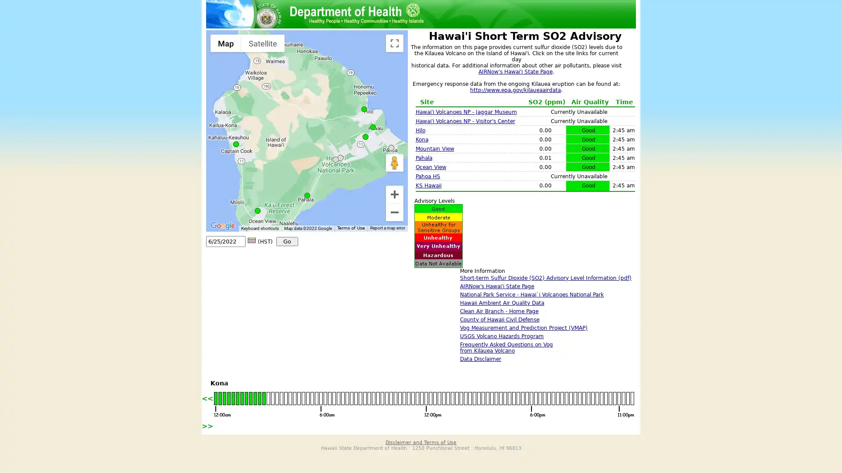 This screenshot has width=842, height=473. What do you see at coordinates (307, 195) in the screenshot?
I see `Pahala: SO2 0.01 ppm (Good) on 06/25 at 02:45 am` at bounding box center [307, 195].